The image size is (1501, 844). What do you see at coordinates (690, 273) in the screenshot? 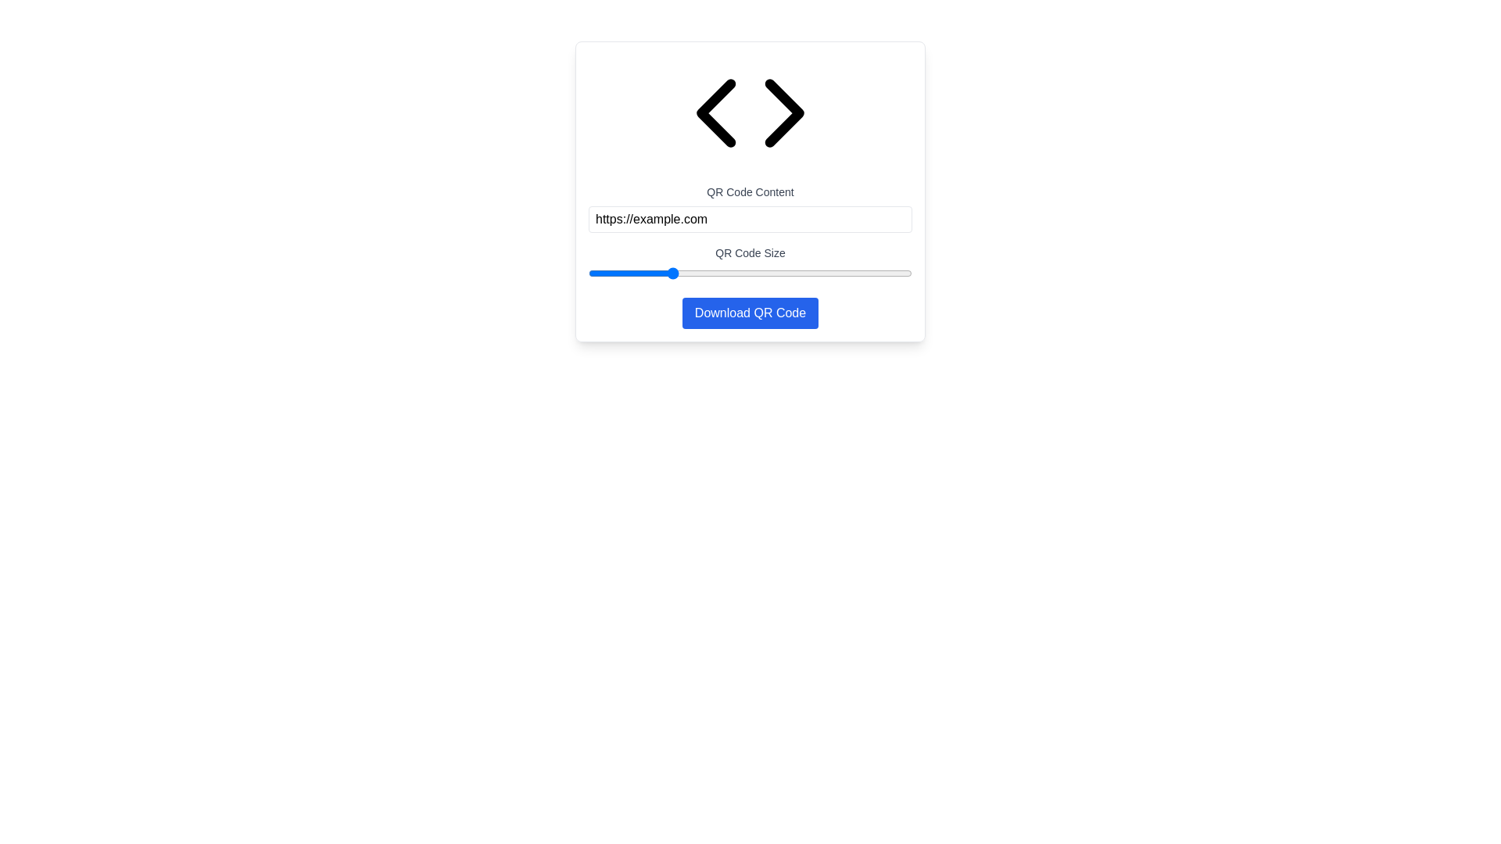
I see `the QR code size` at bounding box center [690, 273].